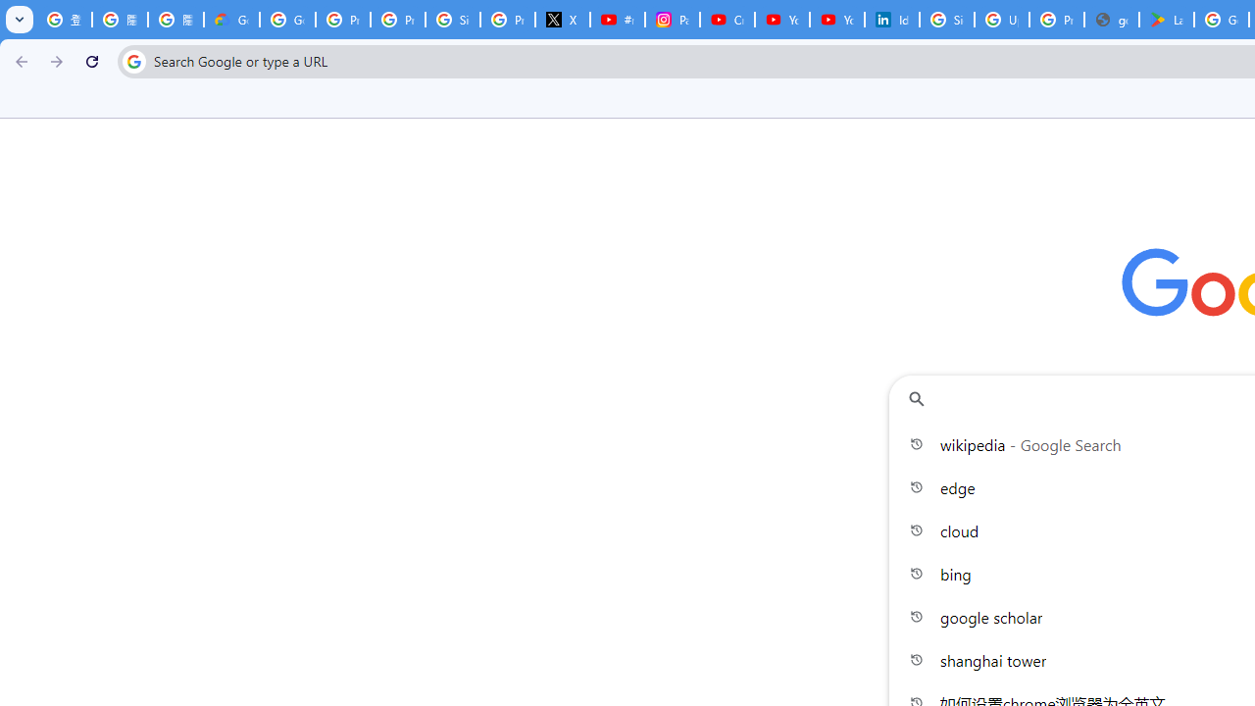 This screenshot has width=1255, height=706. What do you see at coordinates (891, 20) in the screenshot?
I see `'Identity verification via Persona | LinkedIn Help'` at bounding box center [891, 20].